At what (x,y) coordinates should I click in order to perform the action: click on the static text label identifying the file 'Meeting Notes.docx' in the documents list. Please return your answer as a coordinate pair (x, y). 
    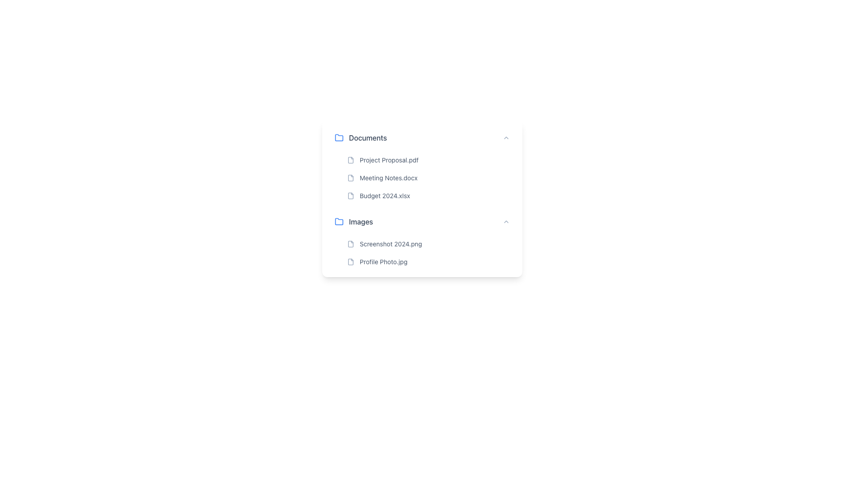
    Looking at the image, I should click on (388, 178).